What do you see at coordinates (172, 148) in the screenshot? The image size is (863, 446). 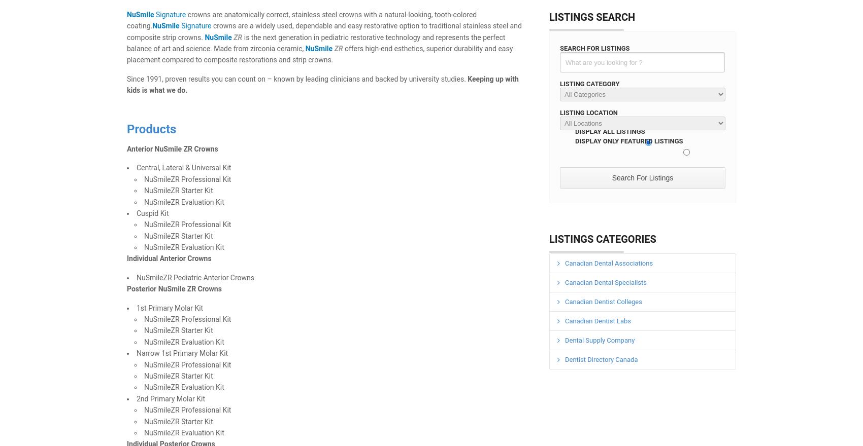 I see `'Anterior NuSmile ZR Crowns'` at bounding box center [172, 148].